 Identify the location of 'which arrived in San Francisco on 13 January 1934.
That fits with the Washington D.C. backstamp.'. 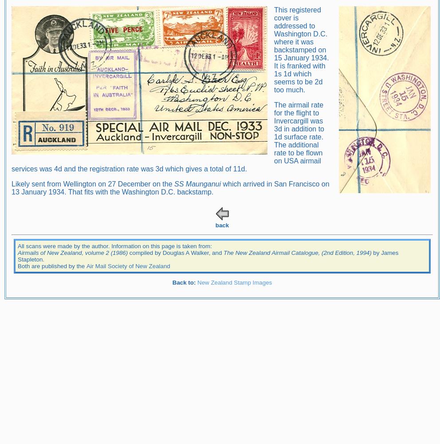
(11, 187).